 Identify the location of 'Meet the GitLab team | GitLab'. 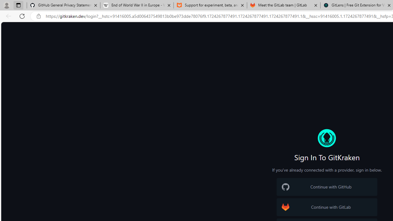
(283, 5).